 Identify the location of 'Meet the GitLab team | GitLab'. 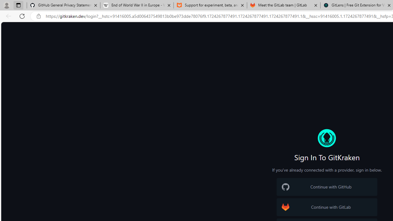
(283, 5).